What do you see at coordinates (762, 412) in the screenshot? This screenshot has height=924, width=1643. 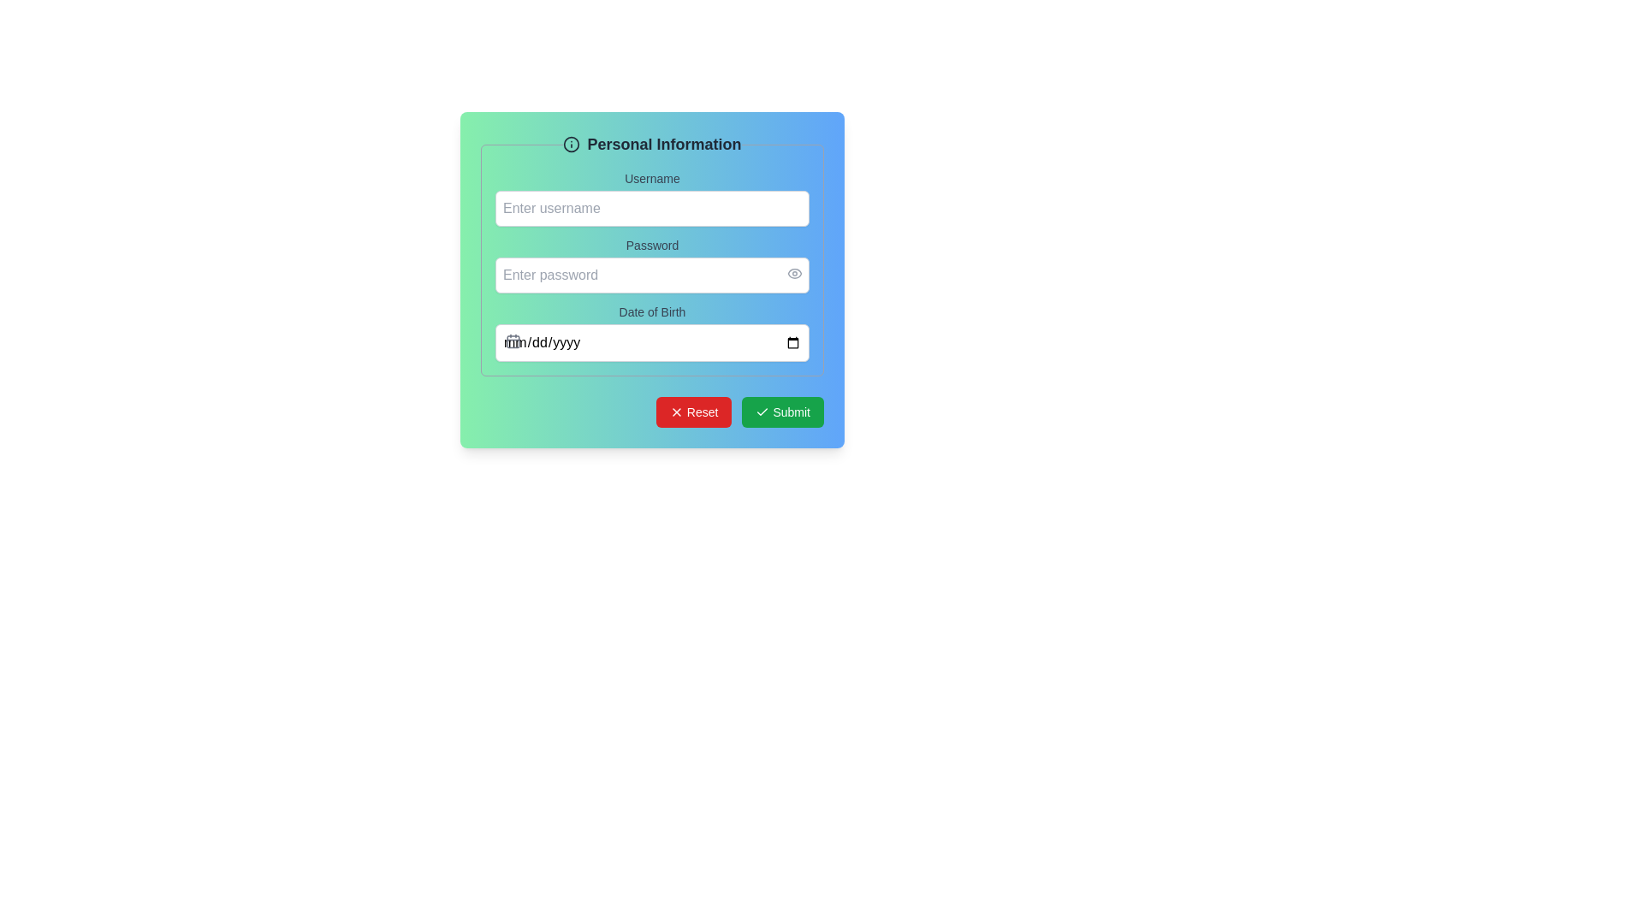 I see `the 'Submit' button which contains the checkmark icon located to the left of its text label` at bounding box center [762, 412].